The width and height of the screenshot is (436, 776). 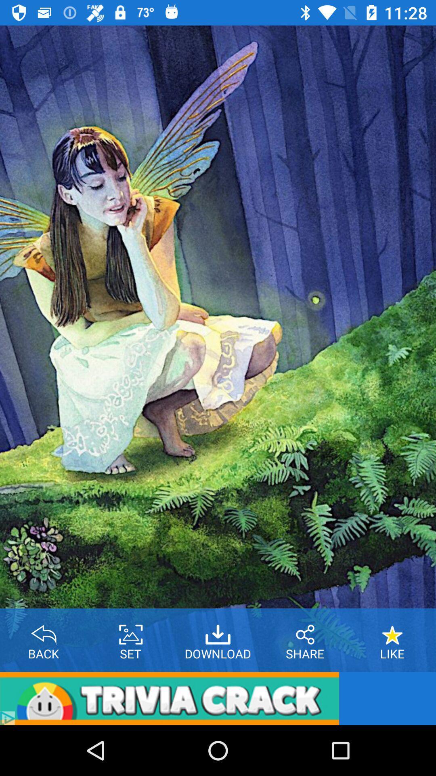 I want to click on set photo as background, so click(x=130, y=631).